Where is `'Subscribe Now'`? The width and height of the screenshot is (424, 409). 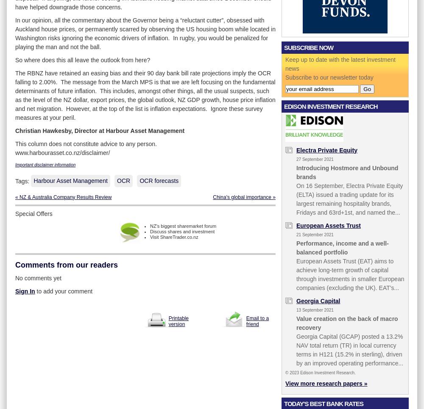
'Subscribe Now' is located at coordinates (284, 47).